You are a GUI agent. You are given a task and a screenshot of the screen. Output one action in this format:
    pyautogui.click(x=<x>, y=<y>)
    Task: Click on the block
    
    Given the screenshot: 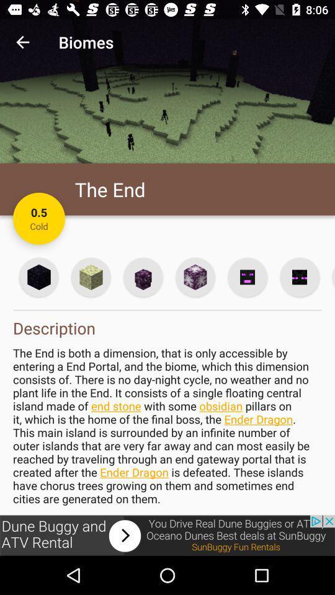 What is the action you would take?
    pyautogui.click(x=195, y=277)
    